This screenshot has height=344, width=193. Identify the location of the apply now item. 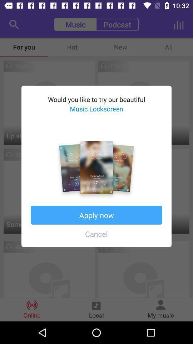
(96, 215).